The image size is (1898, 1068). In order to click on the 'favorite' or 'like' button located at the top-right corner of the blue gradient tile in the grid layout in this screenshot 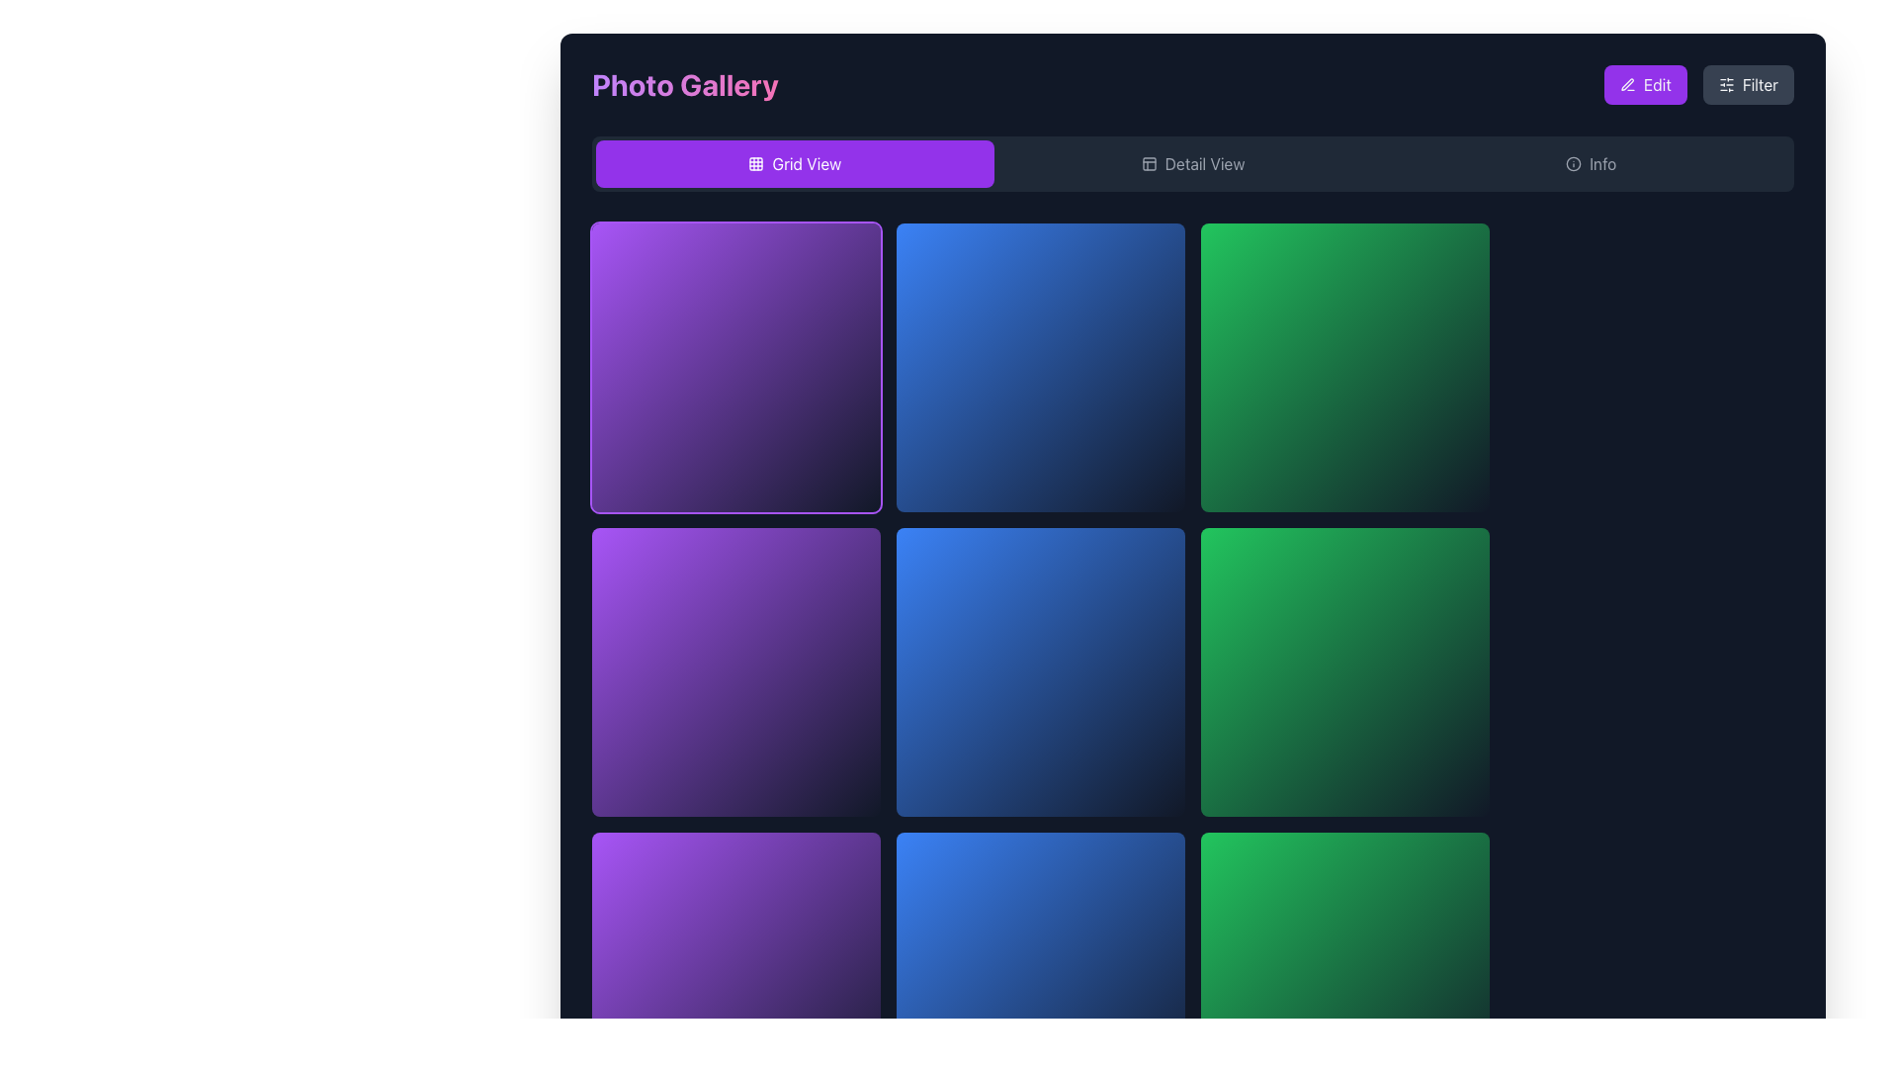, I will do `click(1162, 246)`.